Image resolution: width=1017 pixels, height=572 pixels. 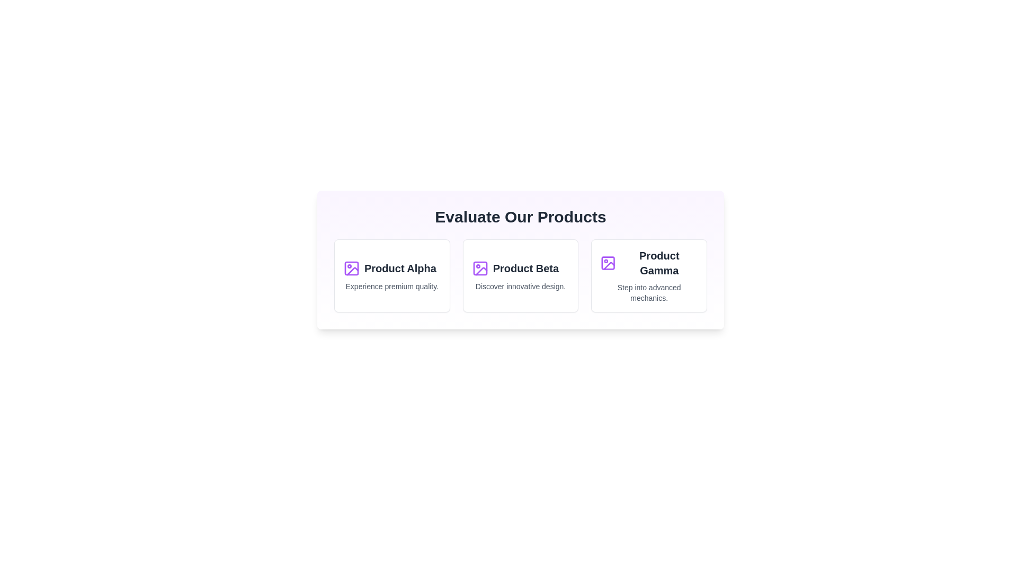 I want to click on the descriptive tagline text located below the title 'Product Beta' within the 'Product Beta' card, so click(x=521, y=286).